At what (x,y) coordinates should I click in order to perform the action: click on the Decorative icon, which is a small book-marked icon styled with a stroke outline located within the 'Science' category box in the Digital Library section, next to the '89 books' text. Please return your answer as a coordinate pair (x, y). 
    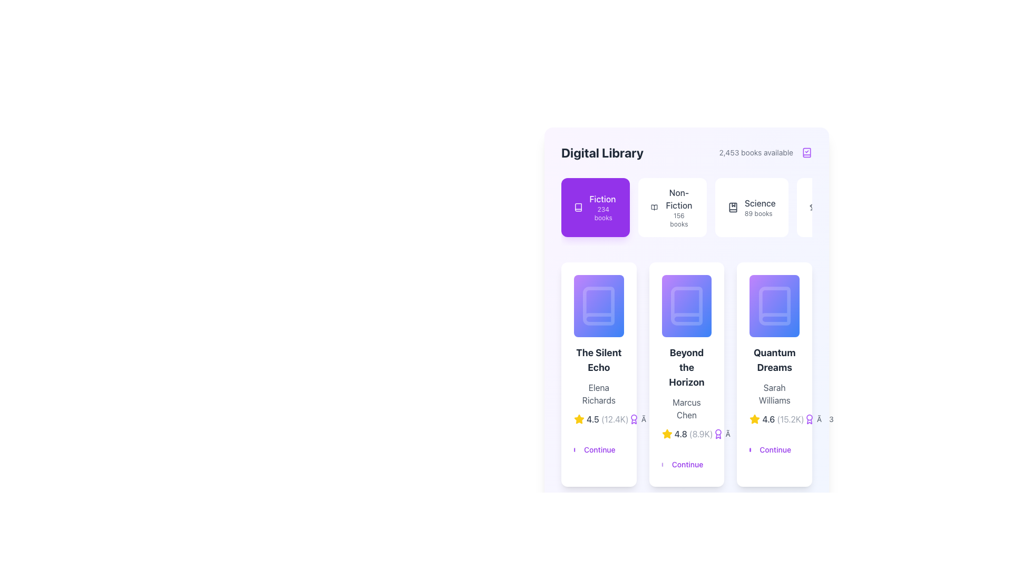
    Looking at the image, I should click on (732, 207).